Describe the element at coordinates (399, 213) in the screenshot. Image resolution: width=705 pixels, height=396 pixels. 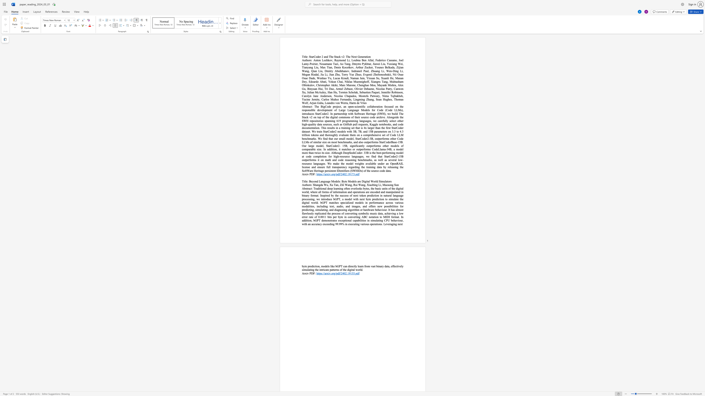
I see `the subset text "low error rate of 0.0011 bits per byte in converting ABC notation to MIDI format. In addition, bGPT demonstrates exceptional capabilities in simulati" within the text "replicated the process of converting symbolic music data, achieving a low error rate of 0.0011 bits per byte in converting ABC notation to MIDI format. In addition, bGPT demonstrates exceptional capabilities in simulating CPU behaviour, with an accuracy exceeding 99.99% in executing various operations. Leveraging next"` at that location.